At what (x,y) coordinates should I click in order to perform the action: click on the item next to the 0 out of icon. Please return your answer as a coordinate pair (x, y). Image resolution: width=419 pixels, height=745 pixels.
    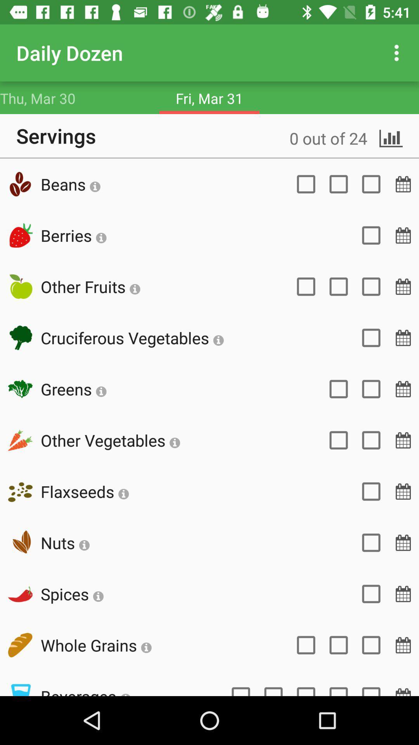
    Looking at the image, I should click on (70, 184).